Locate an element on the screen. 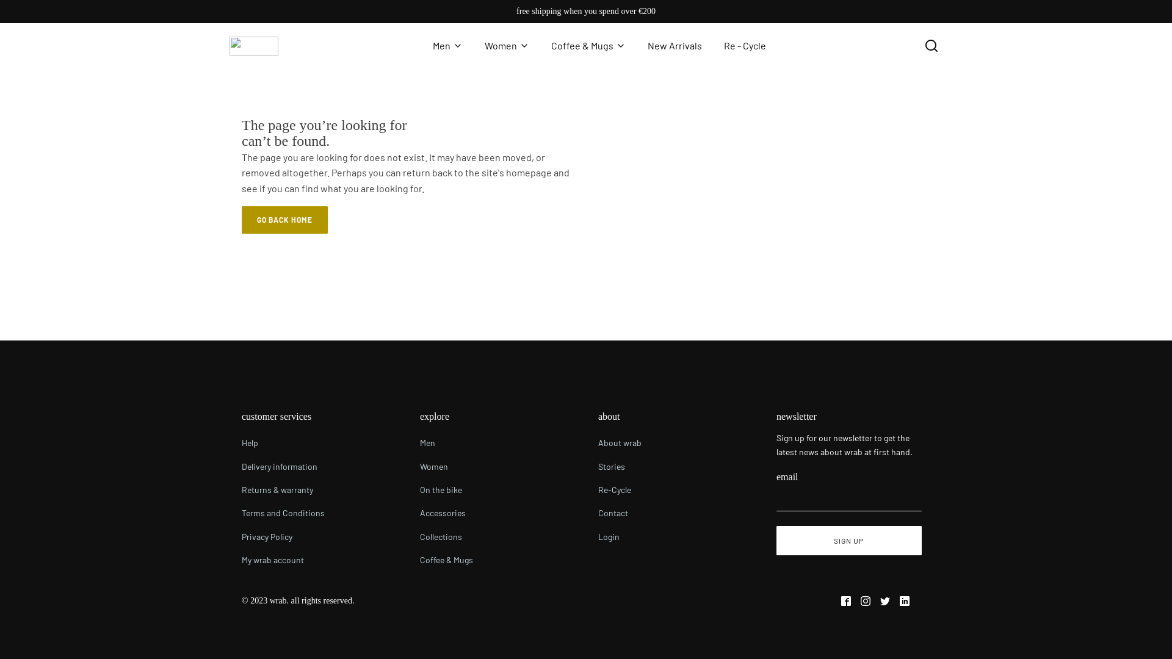  'Returns & warranty' is located at coordinates (283, 489).